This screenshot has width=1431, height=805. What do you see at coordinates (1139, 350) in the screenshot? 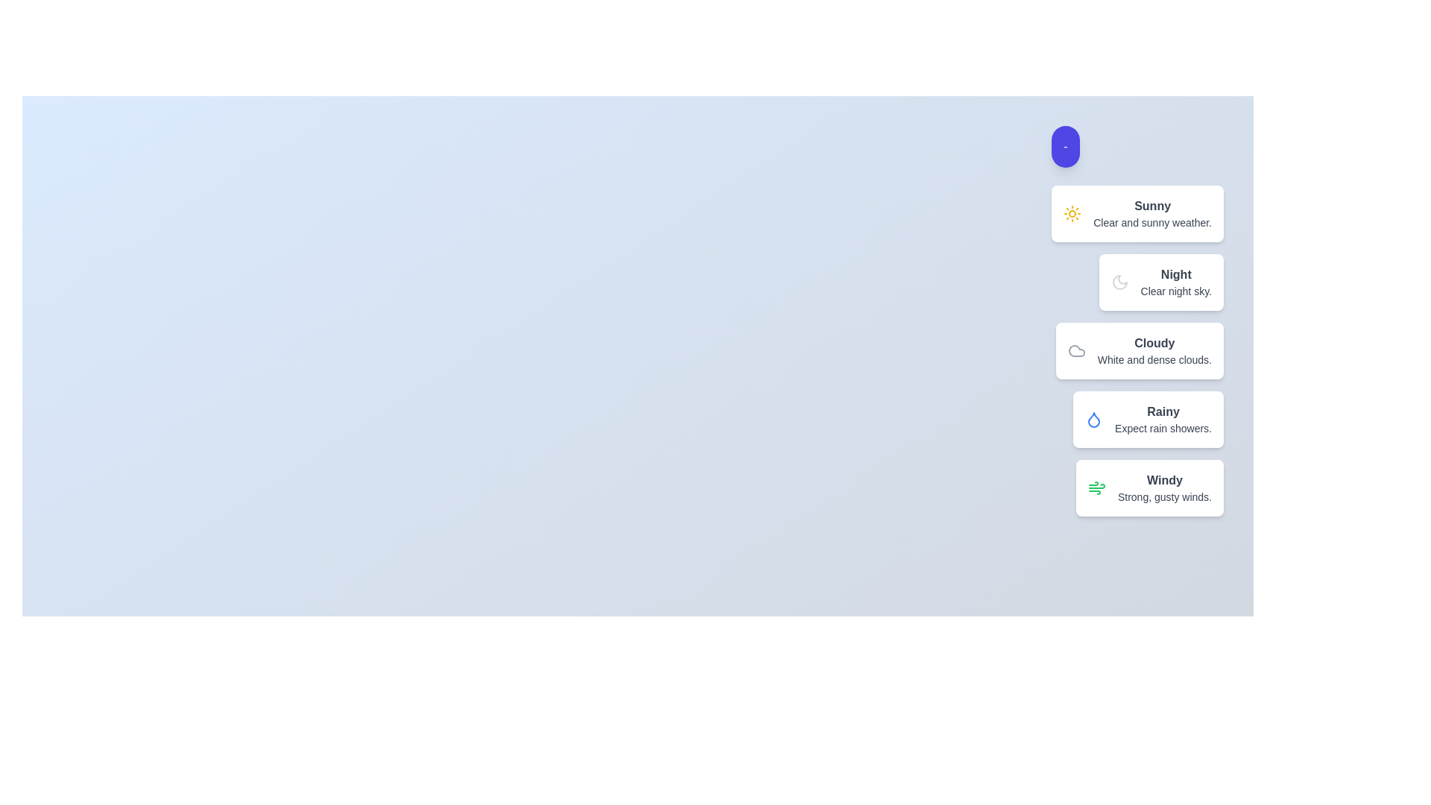
I see `the weather condition item corresponding to Cloudy` at bounding box center [1139, 350].